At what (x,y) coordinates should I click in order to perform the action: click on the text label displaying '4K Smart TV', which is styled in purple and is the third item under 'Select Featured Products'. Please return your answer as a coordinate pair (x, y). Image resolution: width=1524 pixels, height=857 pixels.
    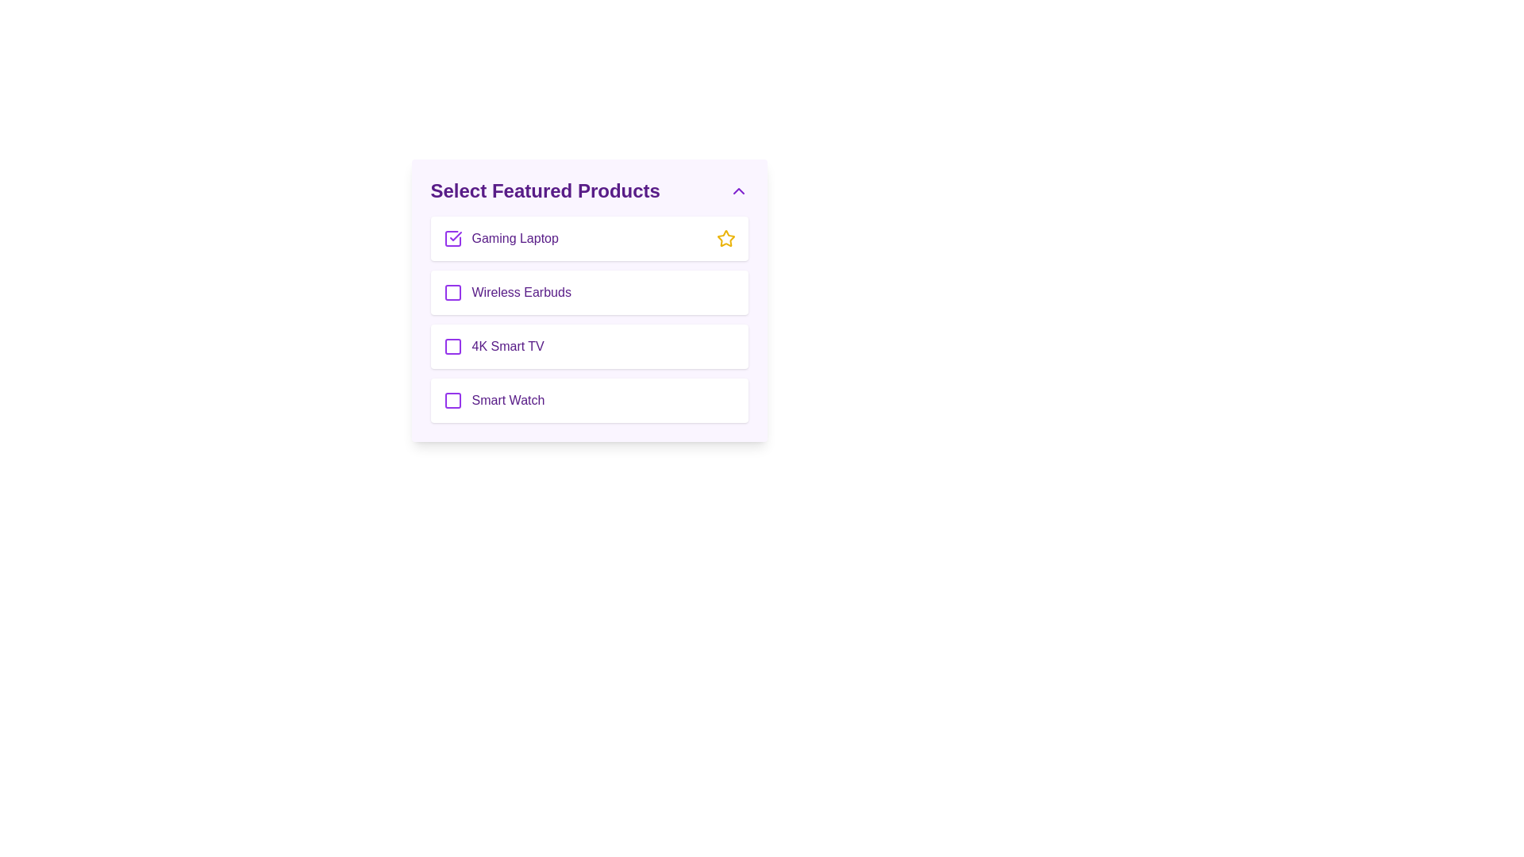
    Looking at the image, I should click on (508, 345).